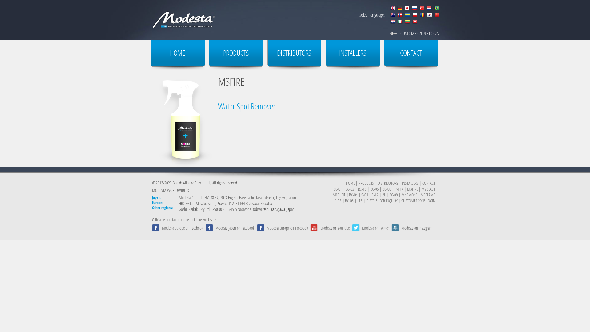 This screenshot has width=590, height=332. What do you see at coordinates (364, 195) in the screenshot?
I see `'S-01'` at bounding box center [364, 195].